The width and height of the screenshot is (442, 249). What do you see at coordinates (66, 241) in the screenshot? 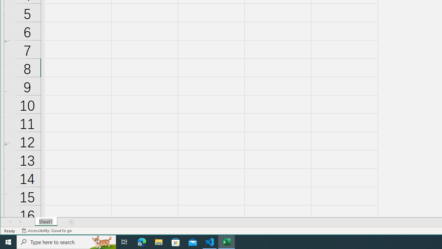
I see `'Type here to search'` at bounding box center [66, 241].